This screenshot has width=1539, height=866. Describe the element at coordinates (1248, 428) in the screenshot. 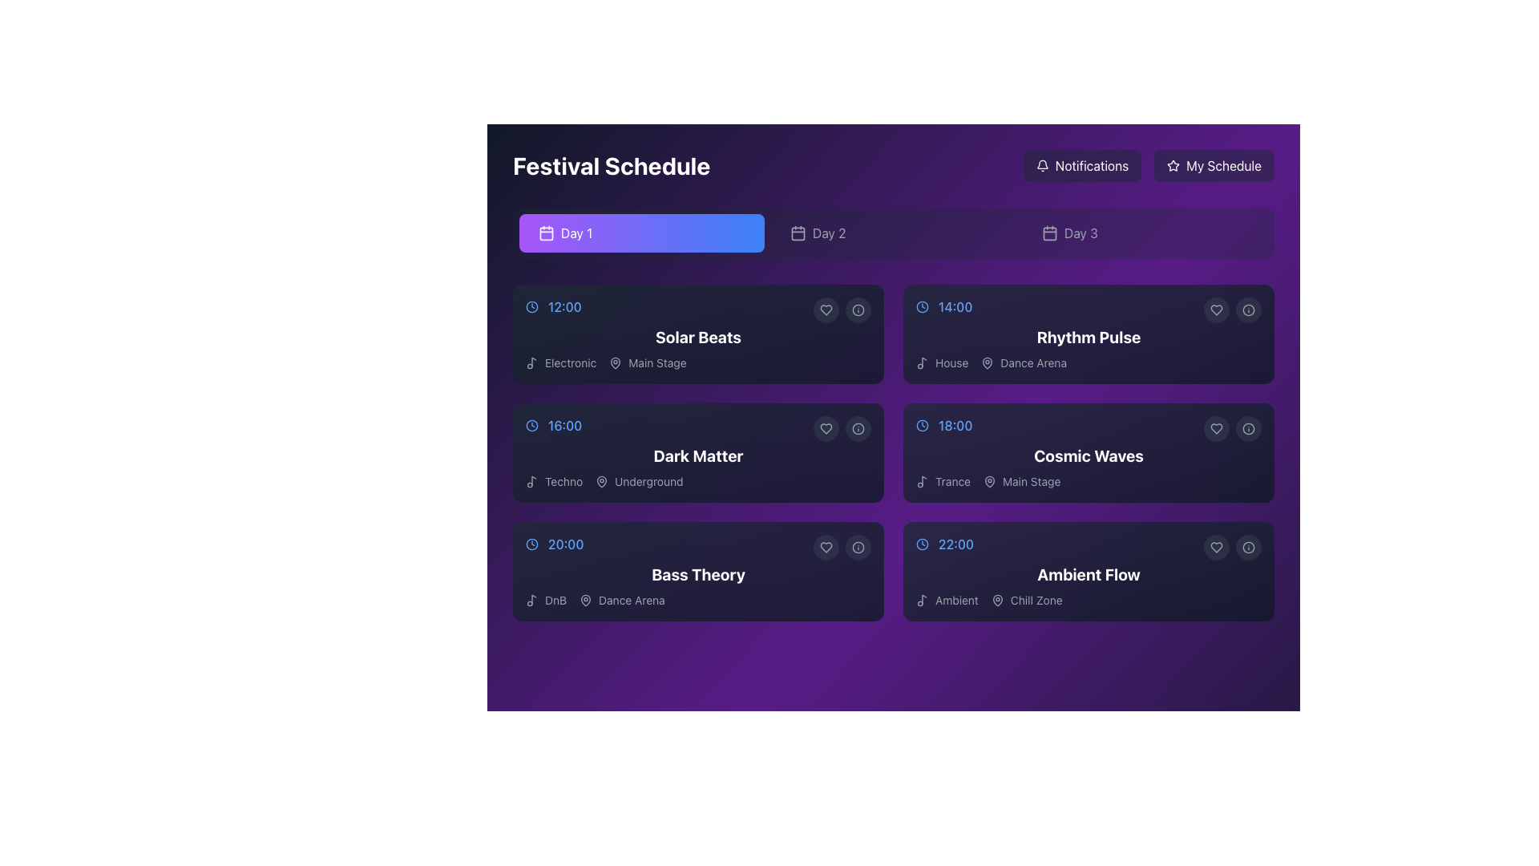

I see `the circular Info button icon, which provides additional details related to the 'Cosmic Waves' event` at that location.